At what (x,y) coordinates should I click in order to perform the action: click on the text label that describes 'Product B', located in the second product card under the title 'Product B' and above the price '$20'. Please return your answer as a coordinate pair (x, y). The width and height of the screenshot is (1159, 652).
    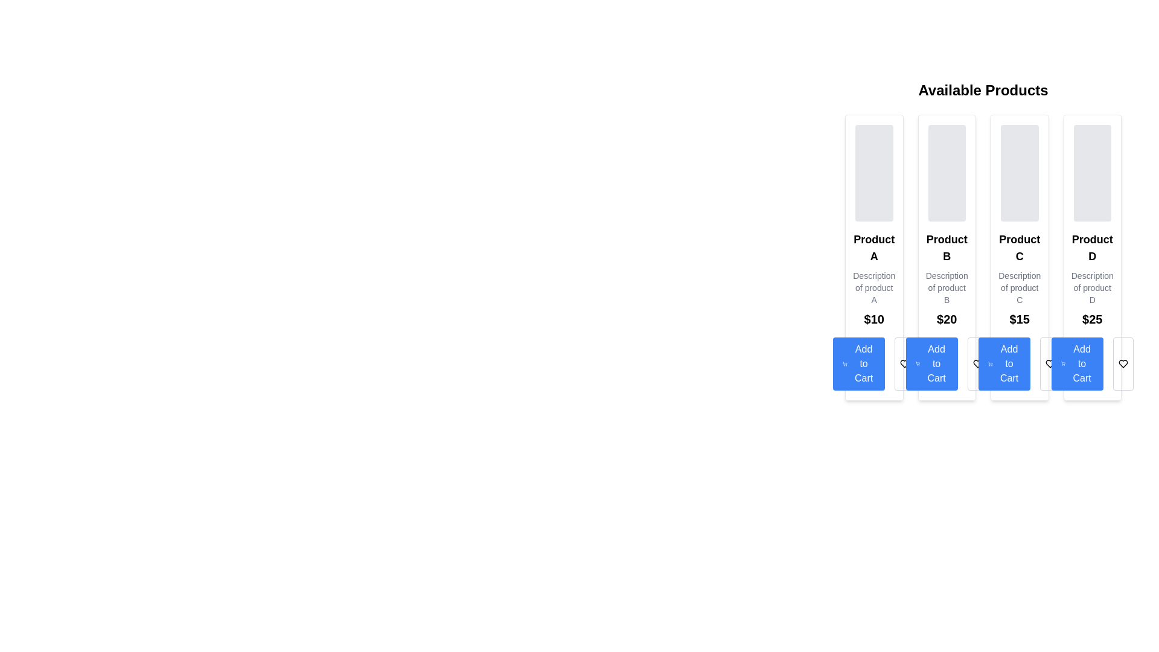
    Looking at the image, I should click on (946, 288).